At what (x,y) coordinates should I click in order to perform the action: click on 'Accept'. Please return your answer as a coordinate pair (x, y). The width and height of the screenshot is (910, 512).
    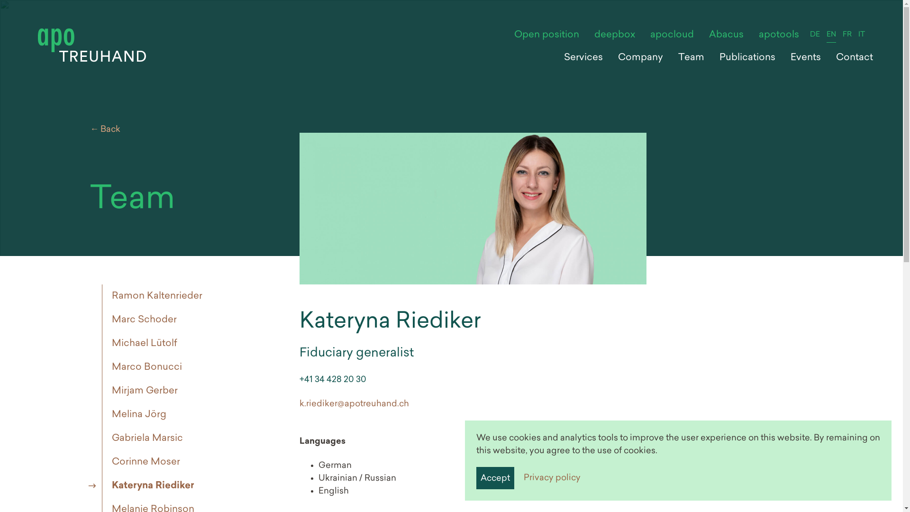
    Looking at the image, I should click on (495, 478).